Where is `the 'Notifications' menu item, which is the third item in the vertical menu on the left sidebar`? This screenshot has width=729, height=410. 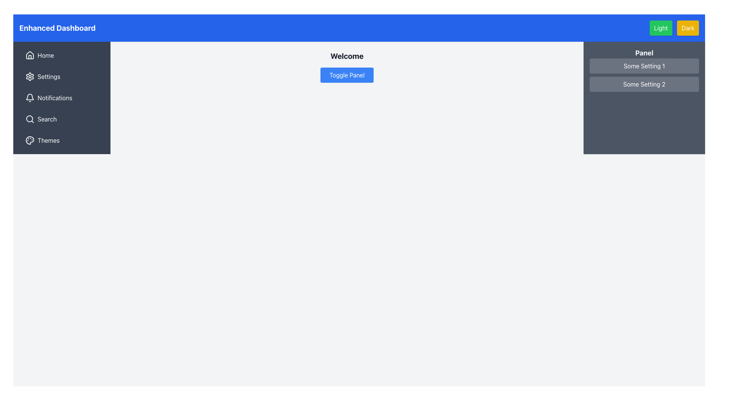 the 'Notifications' menu item, which is the third item in the vertical menu on the left sidebar is located at coordinates (62, 98).